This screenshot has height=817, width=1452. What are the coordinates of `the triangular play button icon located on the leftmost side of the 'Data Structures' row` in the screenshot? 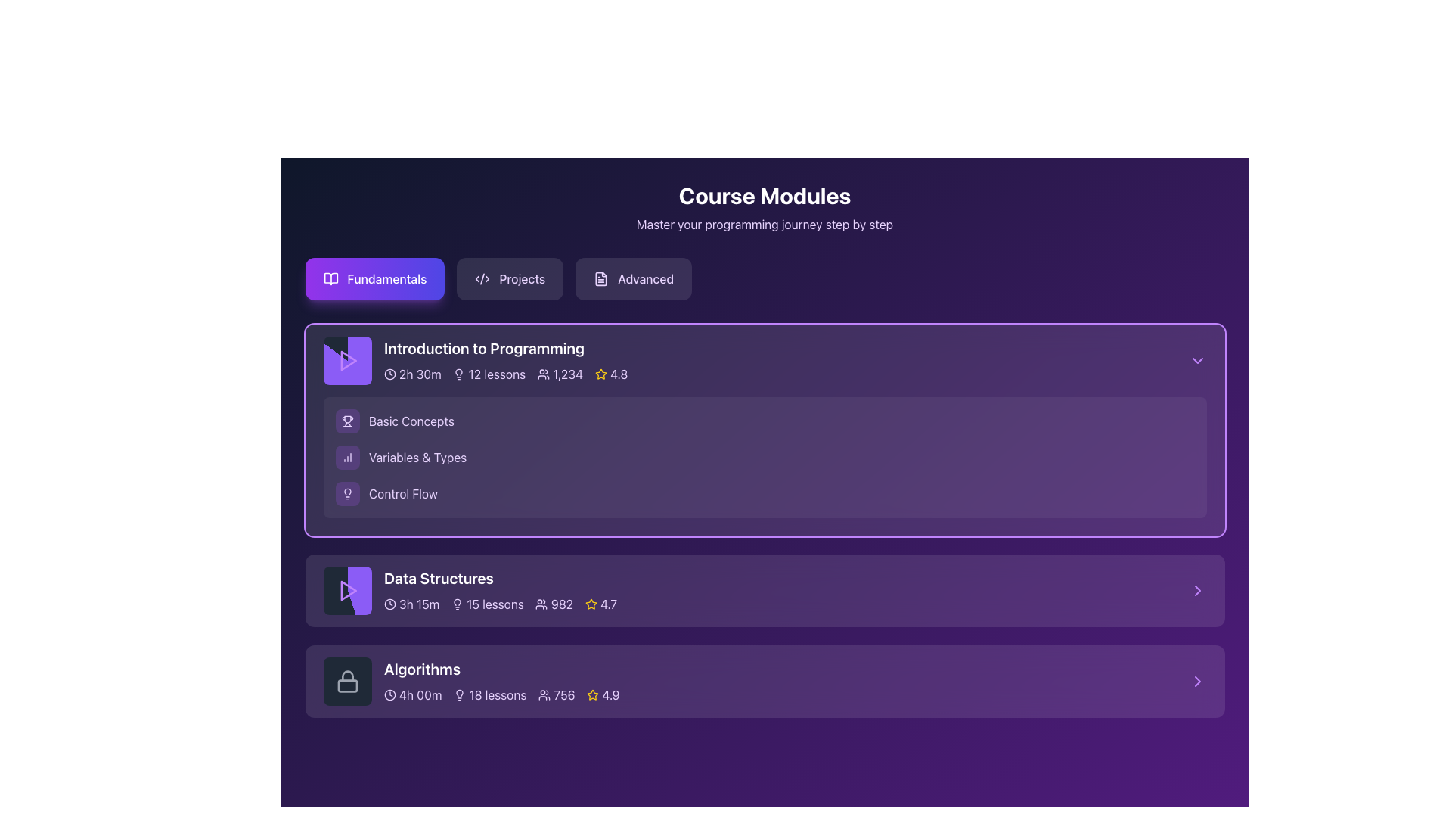 It's located at (346, 589).